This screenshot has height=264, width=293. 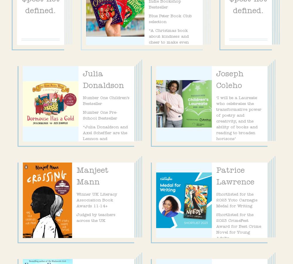 I want to click on 'Joseph Coleho', so click(x=230, y=80).